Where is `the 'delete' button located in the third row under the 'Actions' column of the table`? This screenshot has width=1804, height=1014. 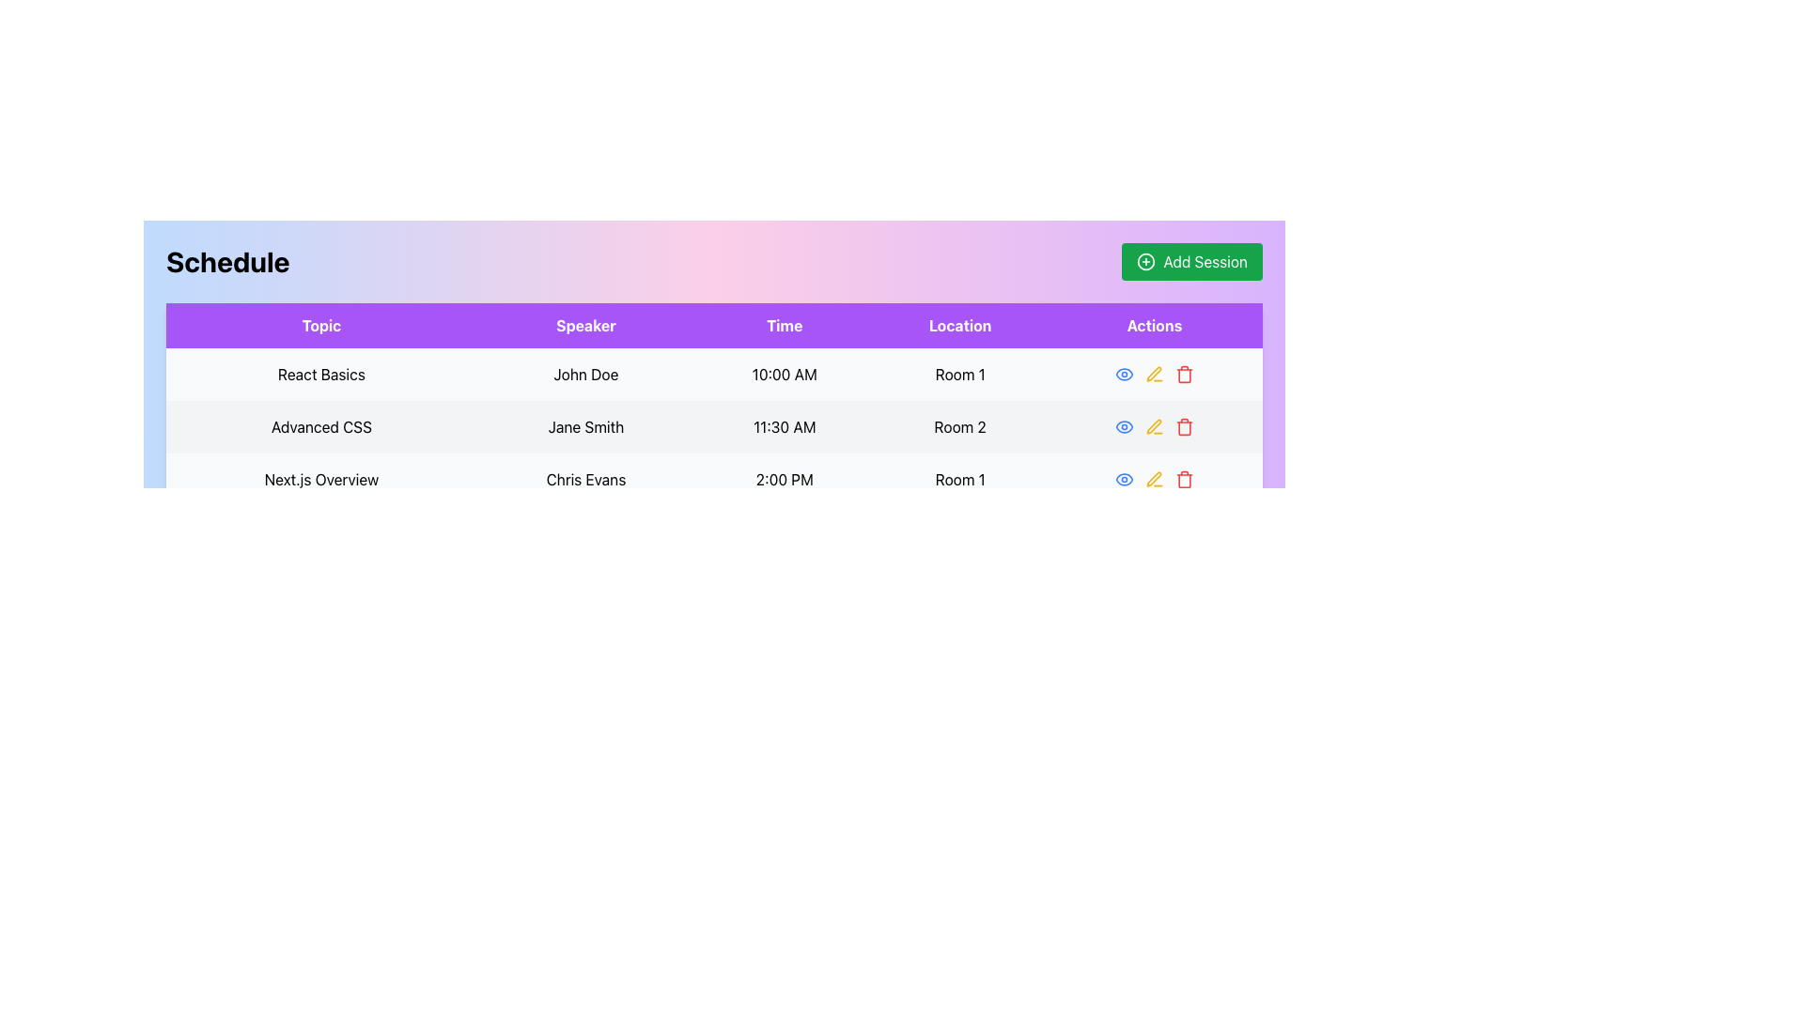
the 'delete' button located in the third row under the 'Actions' column of the table is located at coordinates (1183, 478).